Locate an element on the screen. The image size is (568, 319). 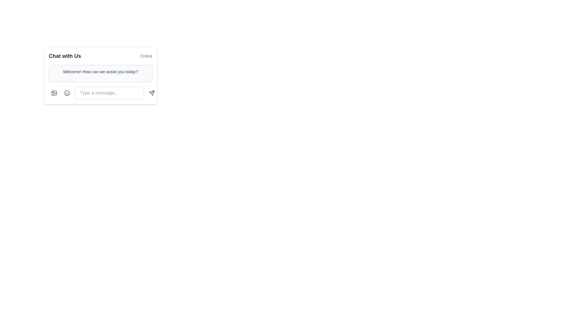
displayed text in the message box located below the title 'Chat with Us' and the status 'Online', and above the text input field is located at coordinates (101, 73).